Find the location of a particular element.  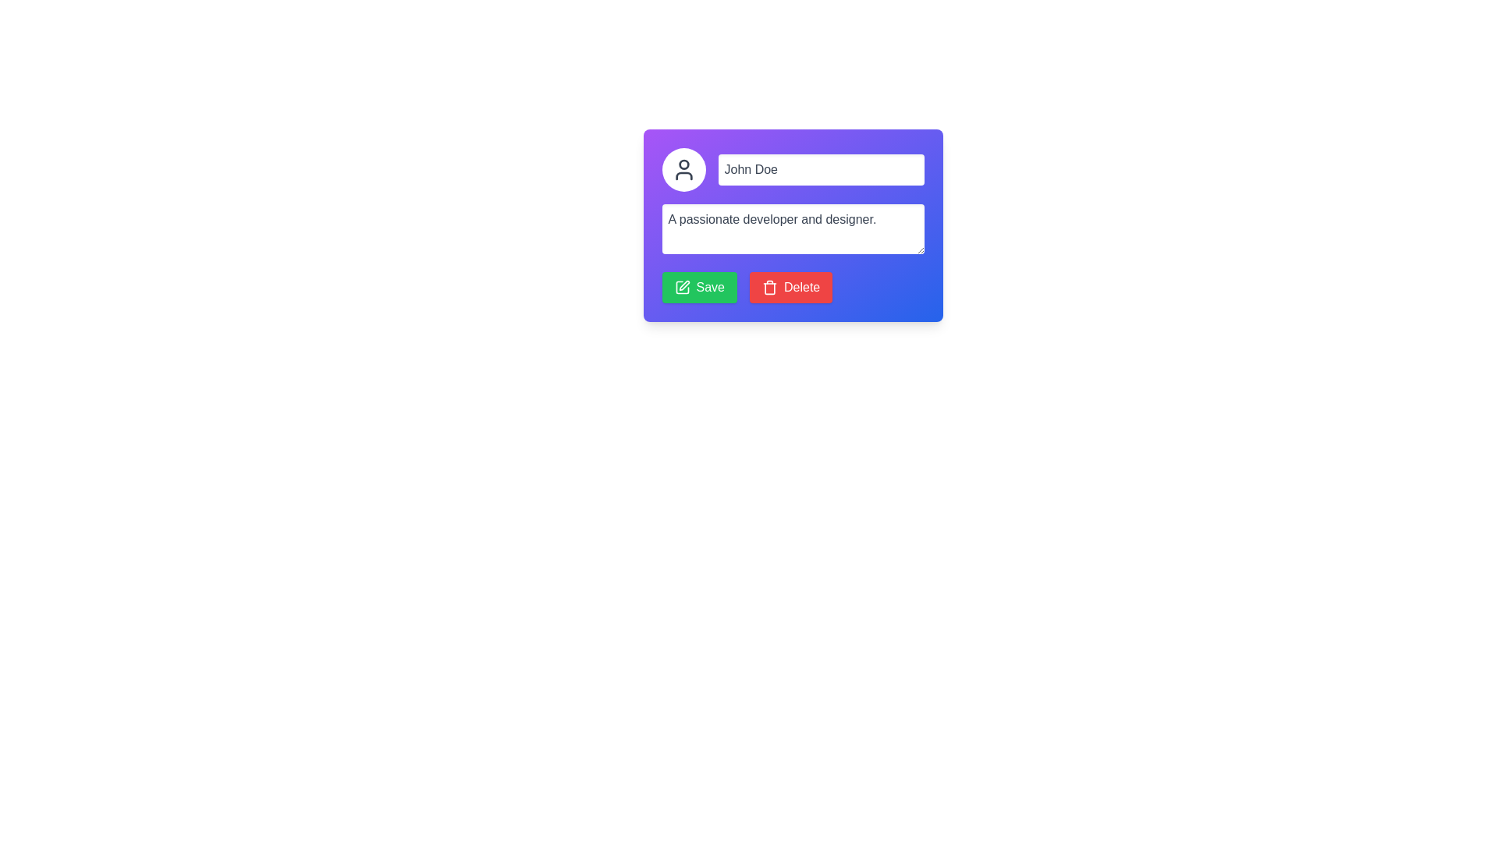

the text input field for additional information display, located below the name input field 'John Doe' and above the 'Save' and 'Delete' buttons in the user card interface is located at coordinates (793, 228).